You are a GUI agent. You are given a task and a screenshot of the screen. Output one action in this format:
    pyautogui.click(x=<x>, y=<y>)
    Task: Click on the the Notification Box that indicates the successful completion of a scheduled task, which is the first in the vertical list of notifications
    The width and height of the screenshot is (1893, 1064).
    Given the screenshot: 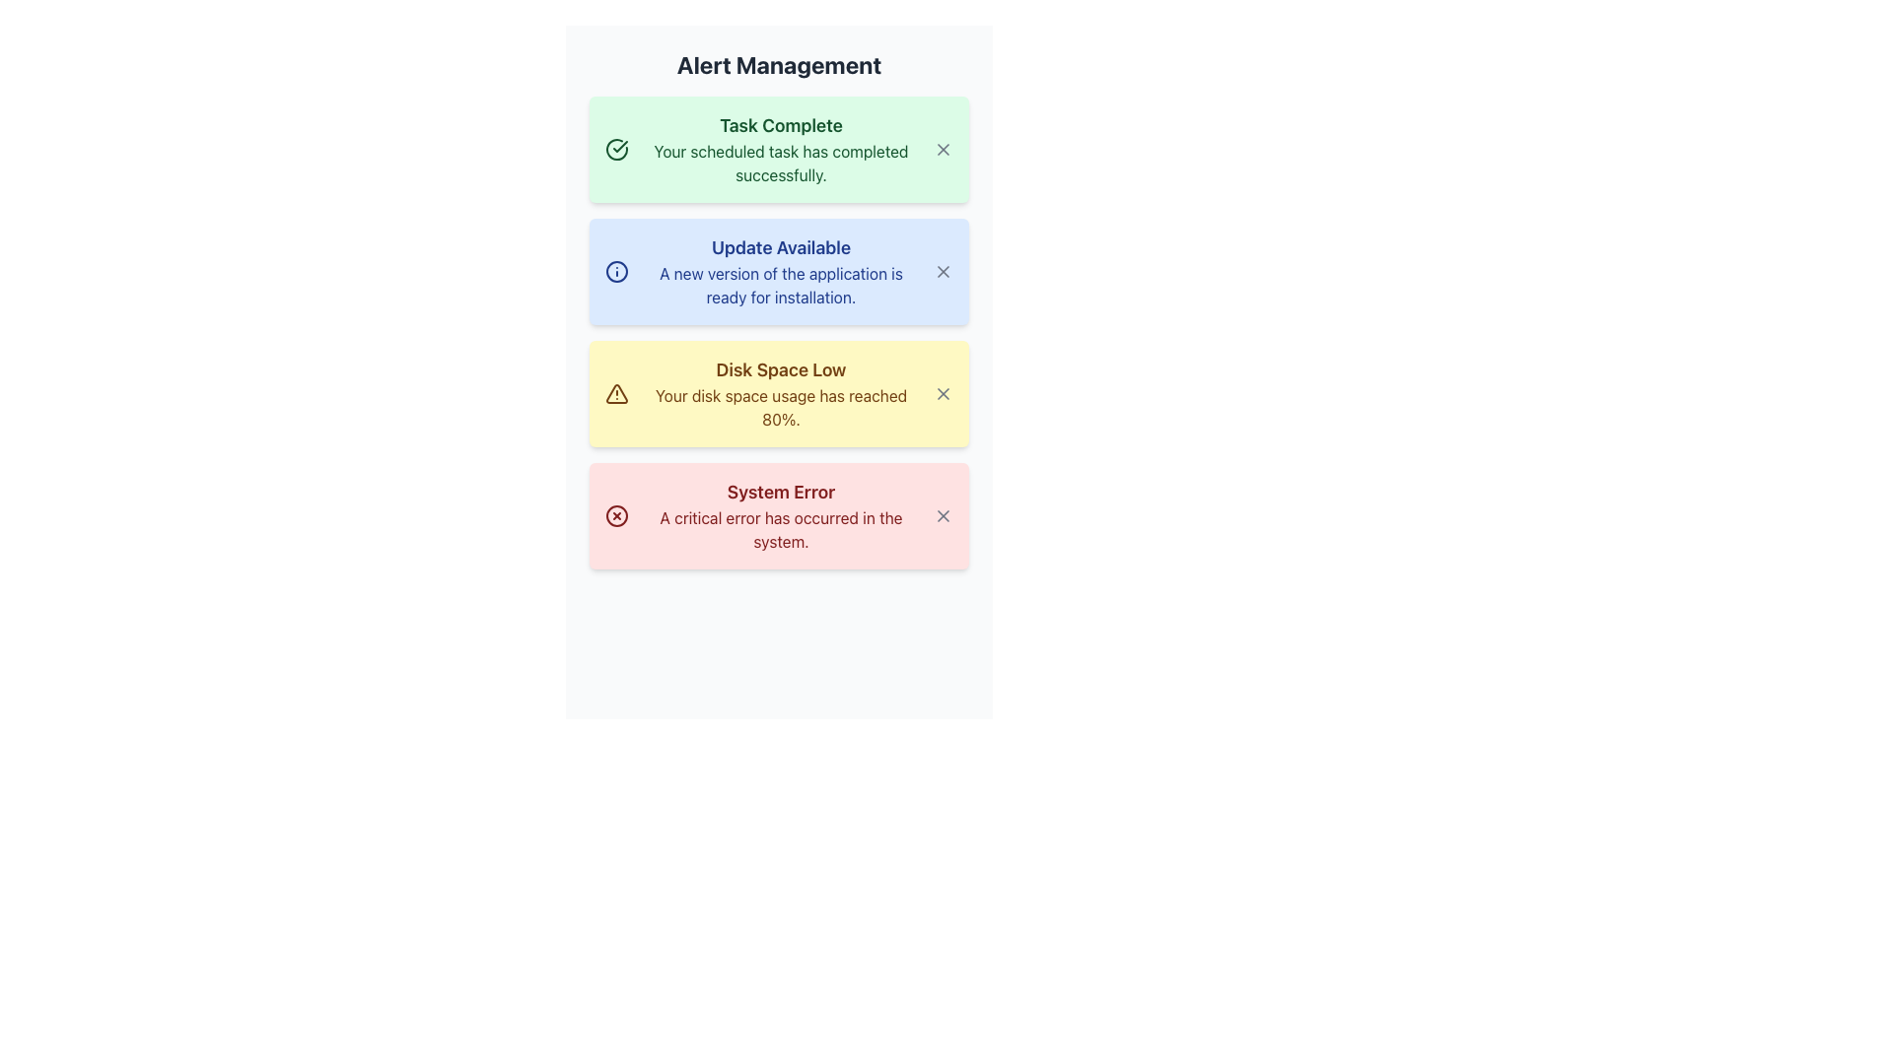 What is the action you would take?
    pyautogui.click(x=778, y=148)
    